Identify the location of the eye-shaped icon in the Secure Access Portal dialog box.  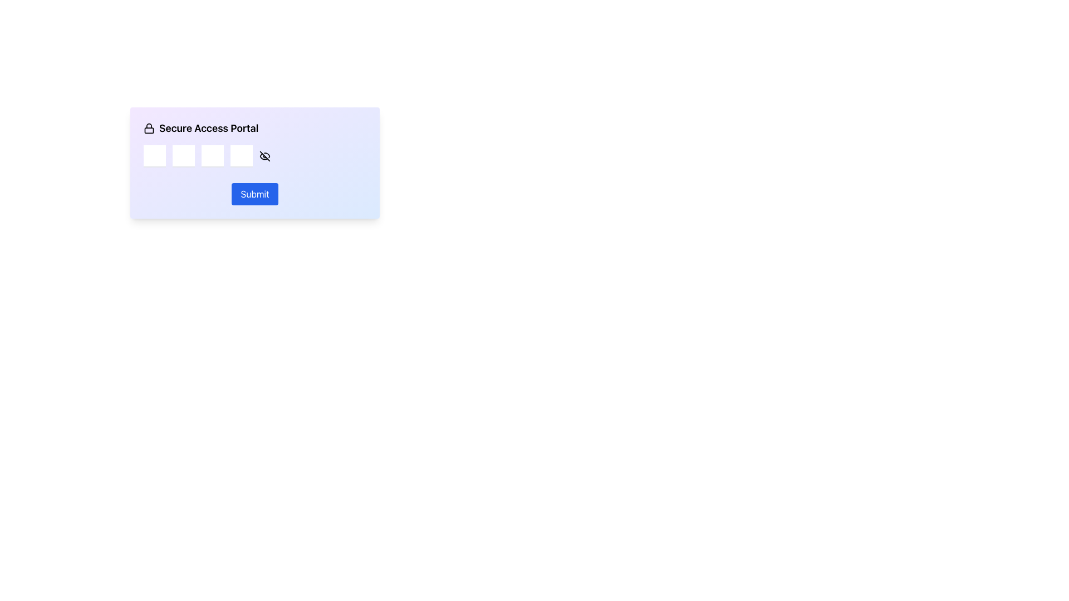
(254, 156).